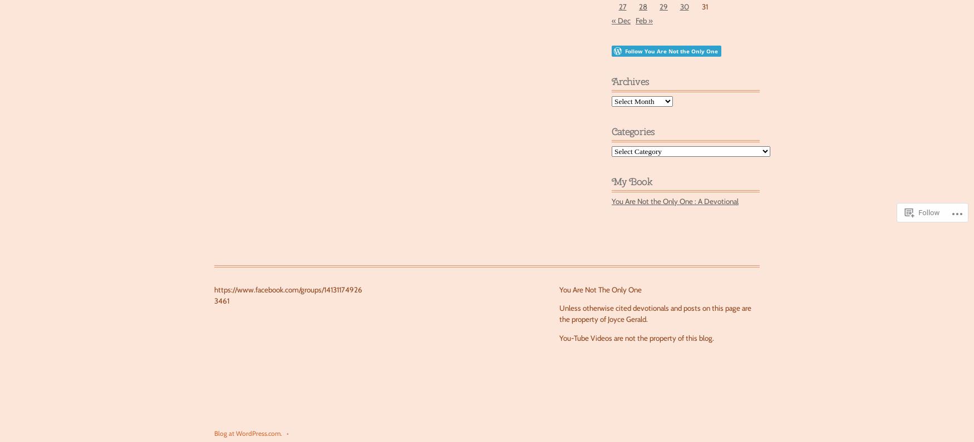 The width and height of the screenshot is (974, 442). What do you see at coordinates (684, 6) in the screenshot?
I see `'30'` at bounding box center [684, 6].